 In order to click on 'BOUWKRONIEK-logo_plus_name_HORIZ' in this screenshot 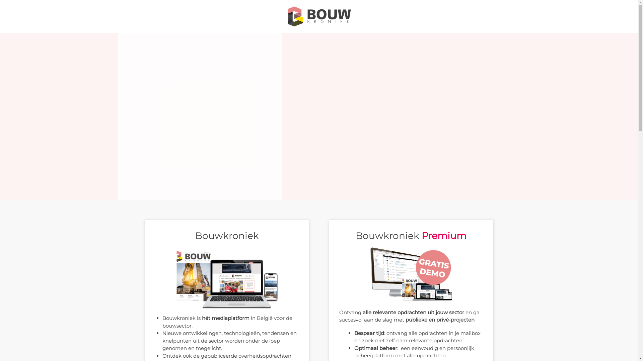, I will do `click(285, 16)`.